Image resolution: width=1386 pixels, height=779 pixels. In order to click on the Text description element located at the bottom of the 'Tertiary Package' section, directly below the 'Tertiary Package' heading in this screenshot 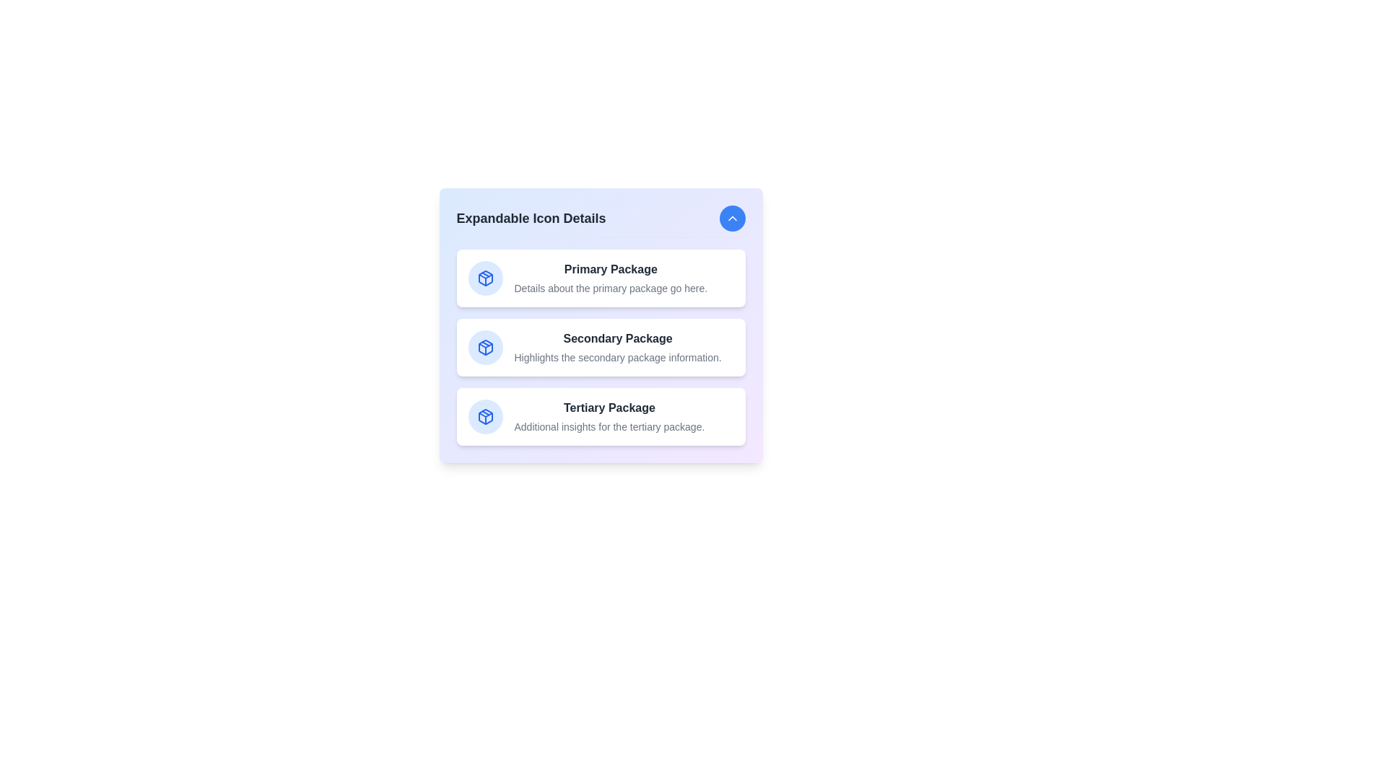, I will do `click(609, 426)`.